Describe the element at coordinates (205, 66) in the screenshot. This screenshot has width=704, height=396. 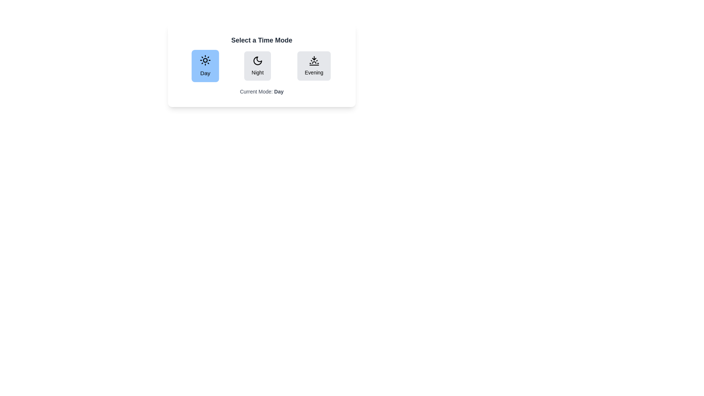
I see `the button labeled Day to observe its hover effect` at that location.